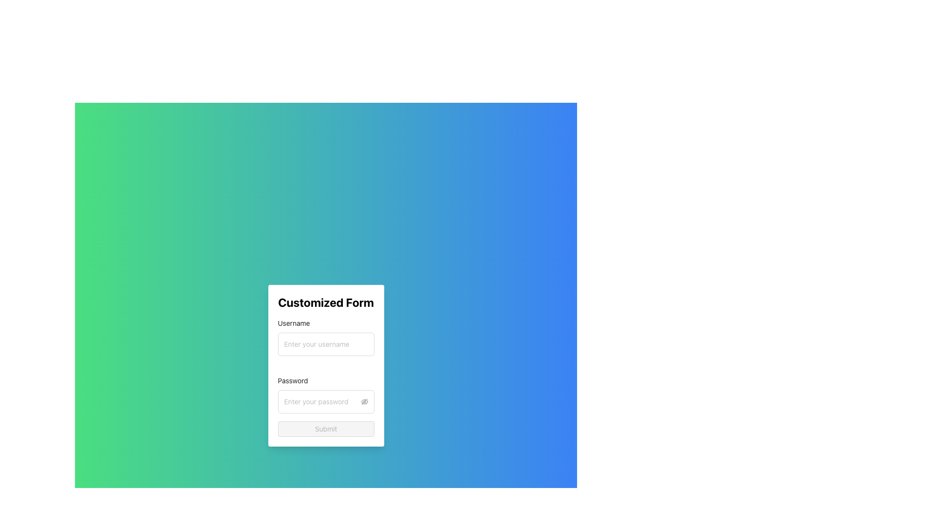  What do you see at coordinates (364, 402) in the screenshot?
I see `the password visibility toggle icon located on the right side of the password input field` at bounding box center [364, 402].